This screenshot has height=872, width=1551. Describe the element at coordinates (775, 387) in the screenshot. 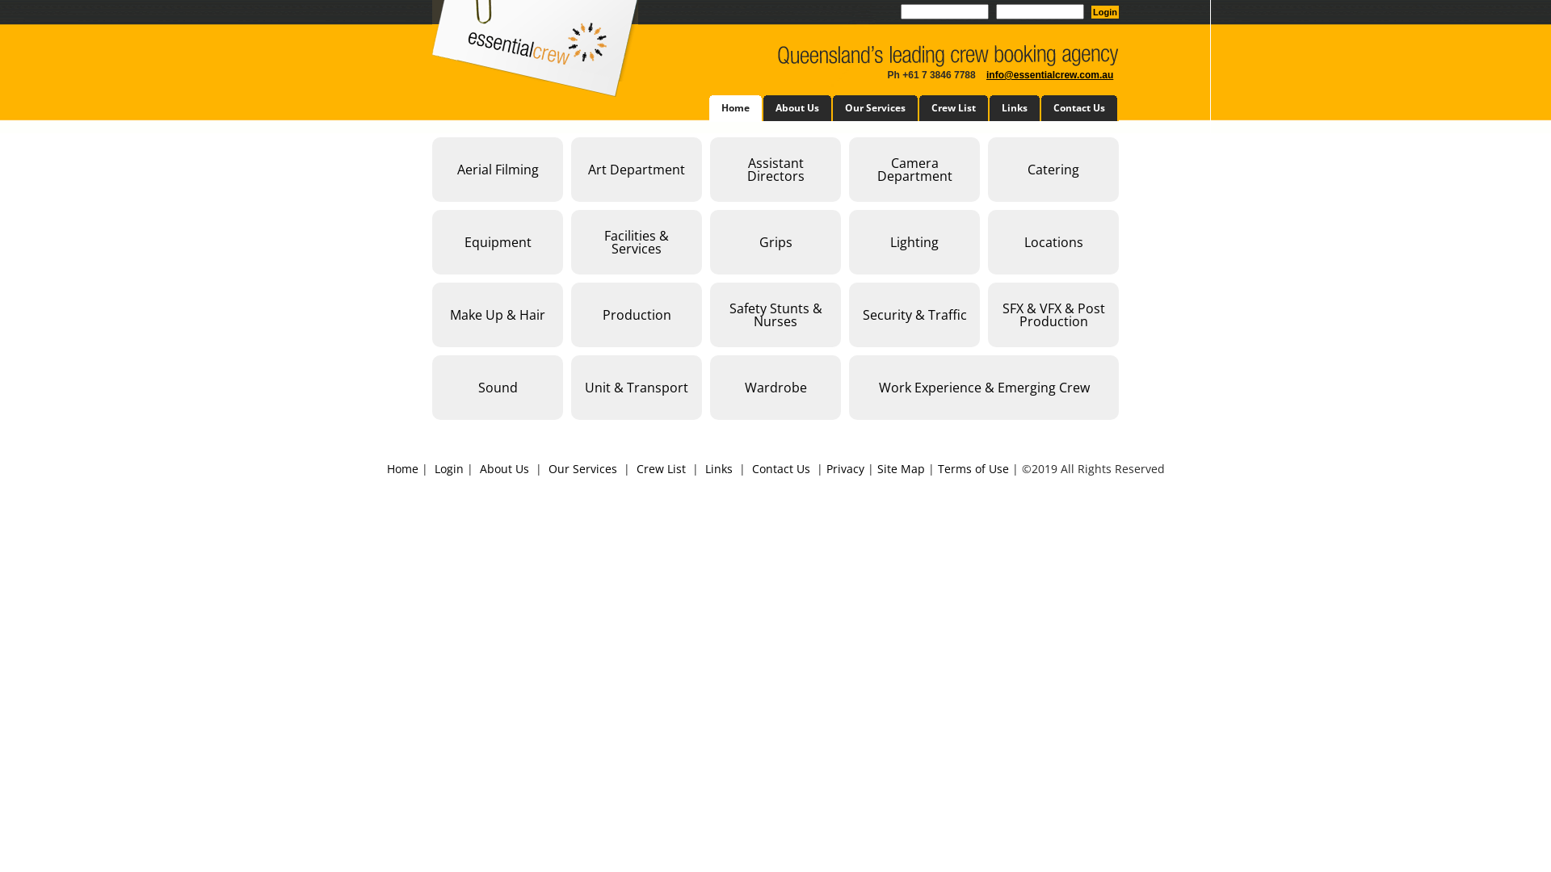

I see `'Wardrobe'` at that location.